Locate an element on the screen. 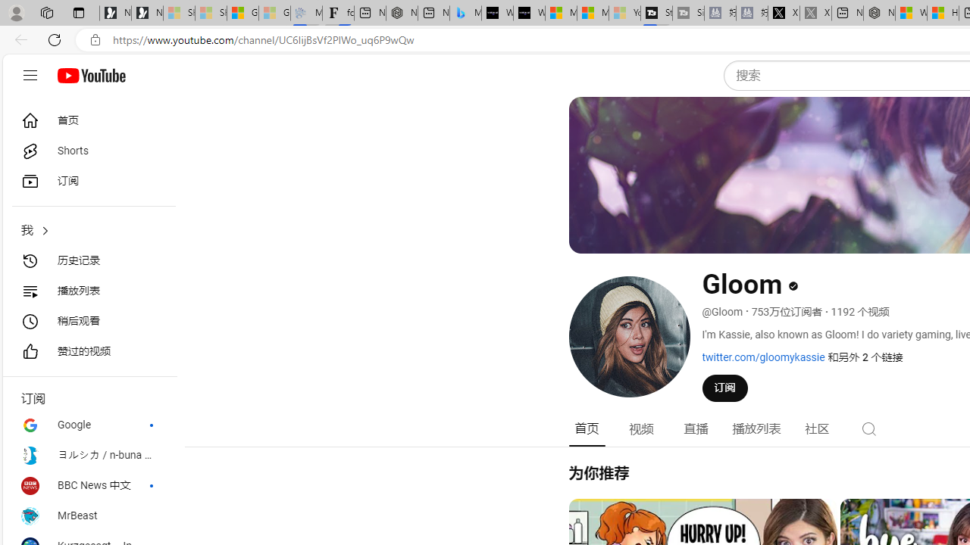 Image resolution: width=970 pixels, height=545 pixels. 'Huge shark washes ashore at New York City beach | Watch' is located at coordinates (942, 13).